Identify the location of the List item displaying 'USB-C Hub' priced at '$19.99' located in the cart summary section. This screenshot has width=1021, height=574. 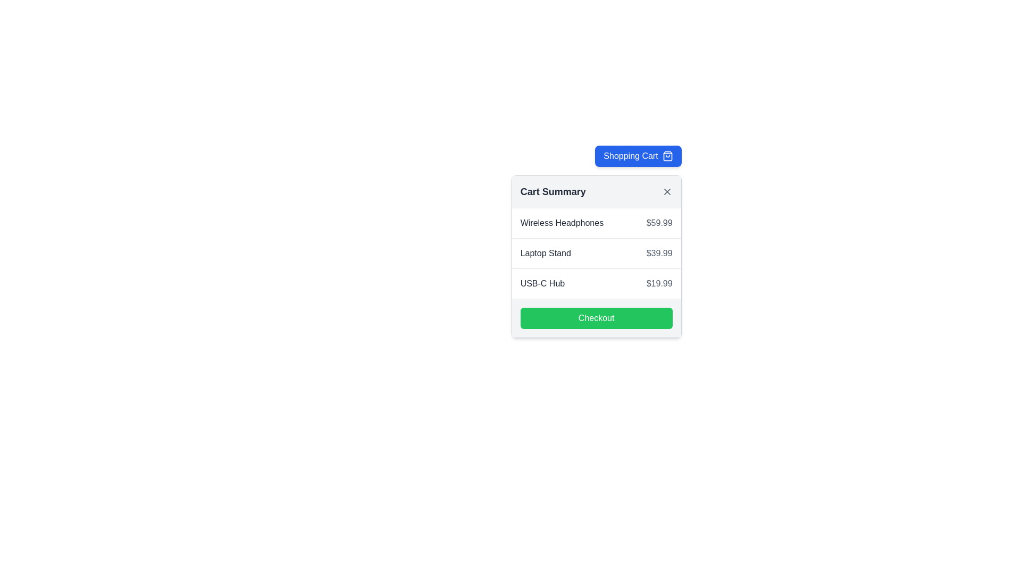
(596, 283).